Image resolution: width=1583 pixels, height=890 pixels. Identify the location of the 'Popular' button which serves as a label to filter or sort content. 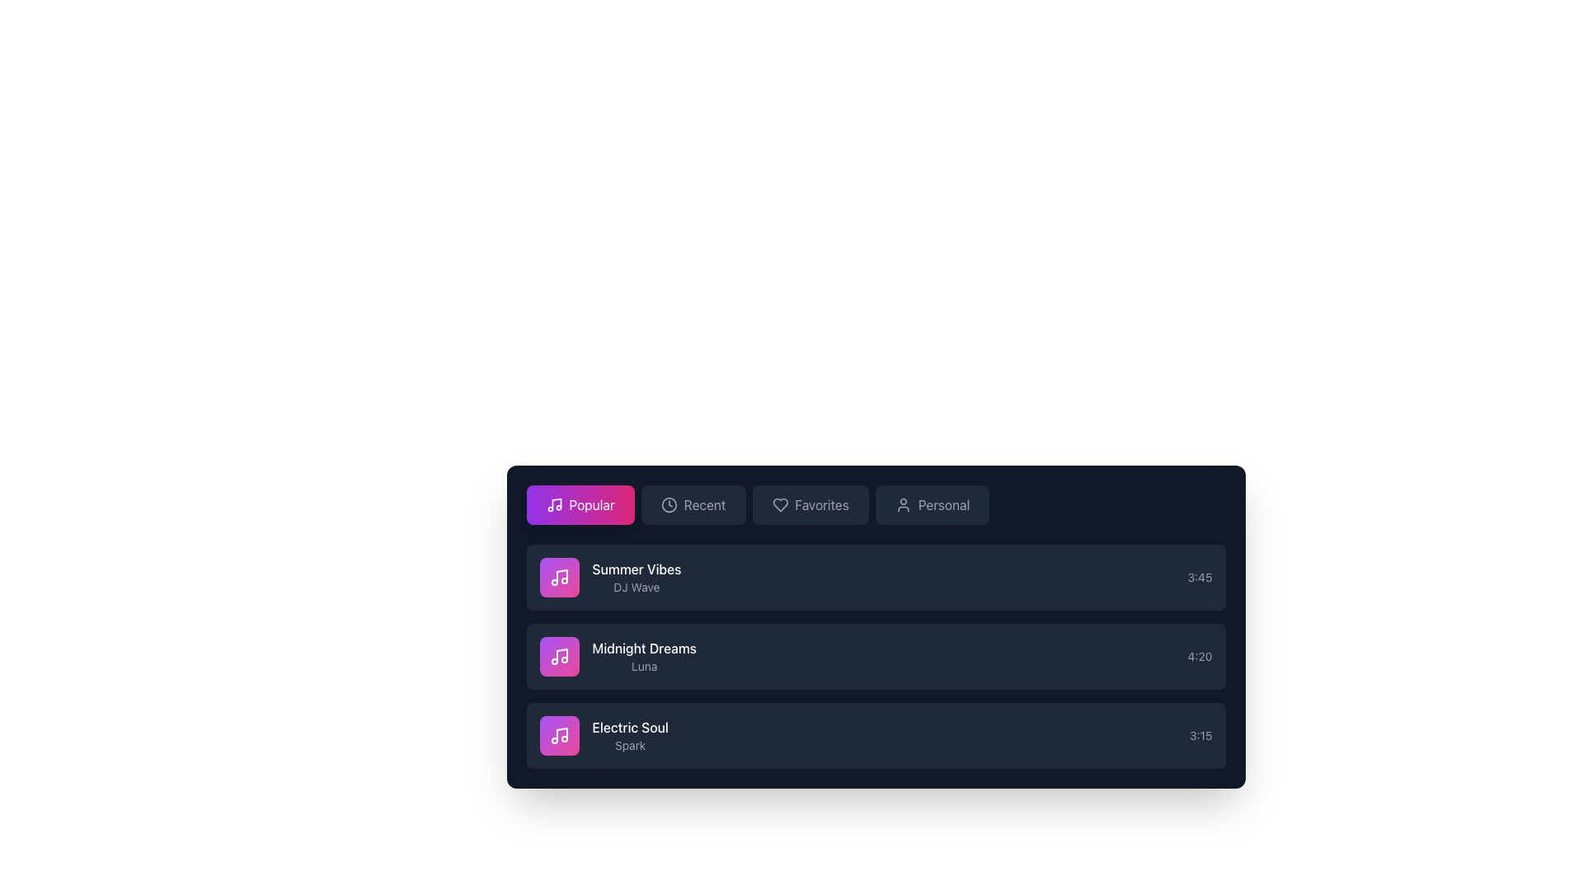
(592, 504).